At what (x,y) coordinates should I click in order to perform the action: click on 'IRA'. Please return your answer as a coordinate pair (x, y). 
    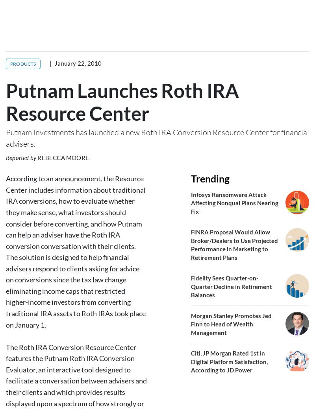
    Looking at the image, I should click on (99, 273).